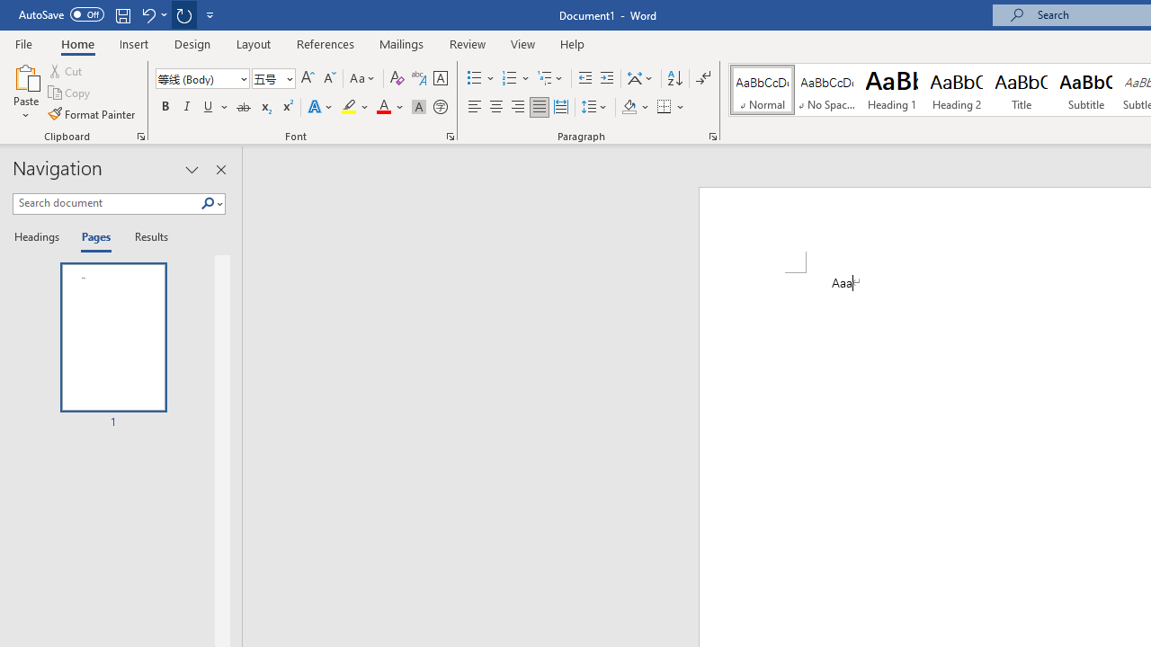  Describe the element at coordinates (607, 77) in the screenshot. I see `'Increase Indent'` at that location.